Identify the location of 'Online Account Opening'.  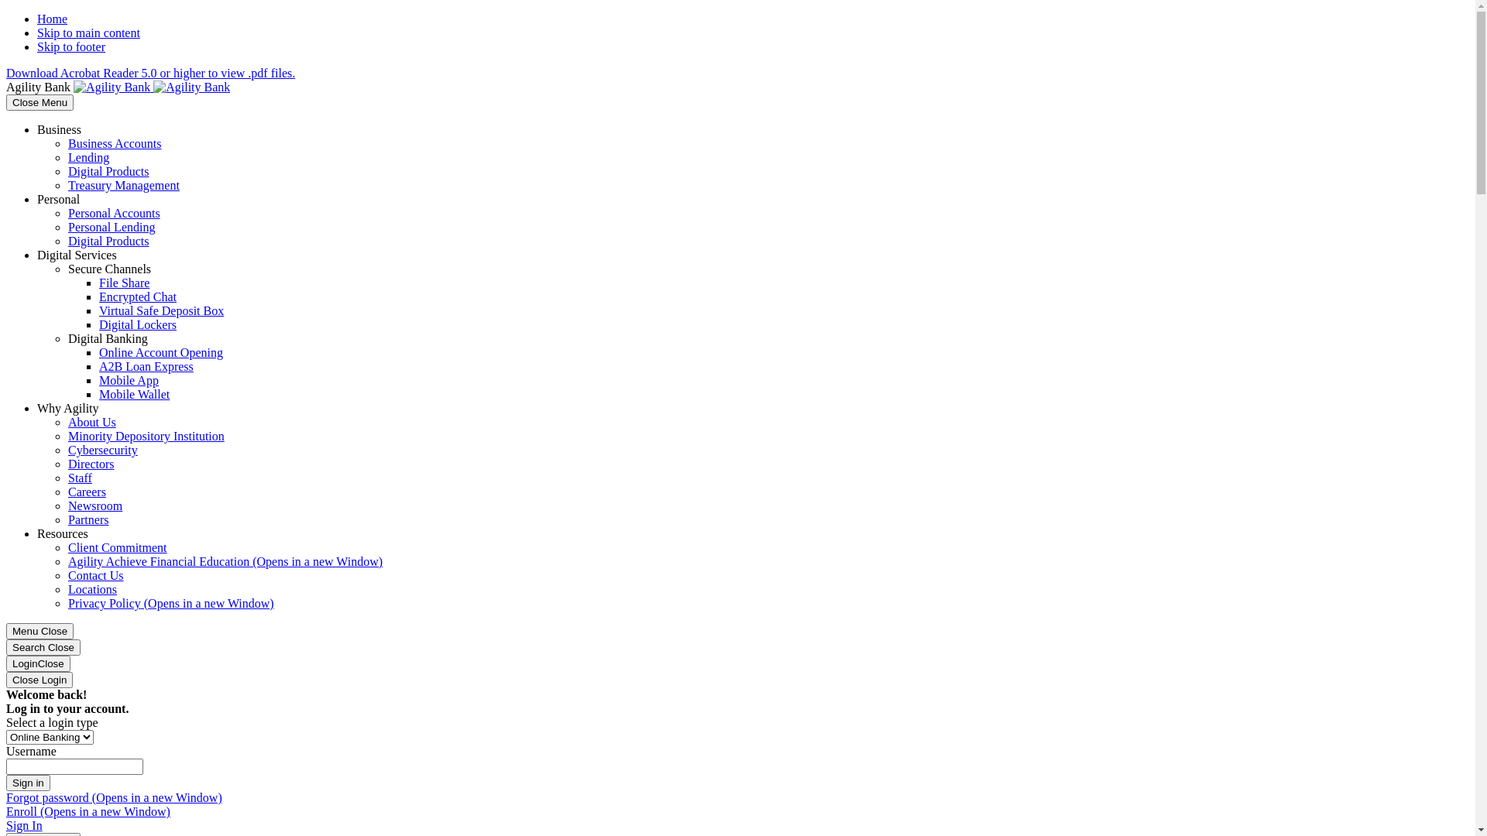
(160, 352).